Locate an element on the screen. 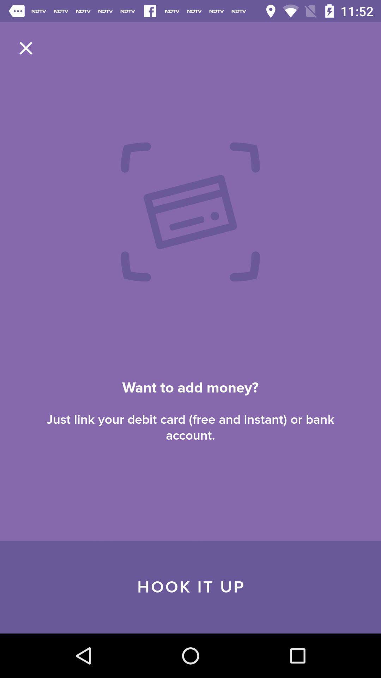  item at the top left corner is located at coordinates (25, 48).